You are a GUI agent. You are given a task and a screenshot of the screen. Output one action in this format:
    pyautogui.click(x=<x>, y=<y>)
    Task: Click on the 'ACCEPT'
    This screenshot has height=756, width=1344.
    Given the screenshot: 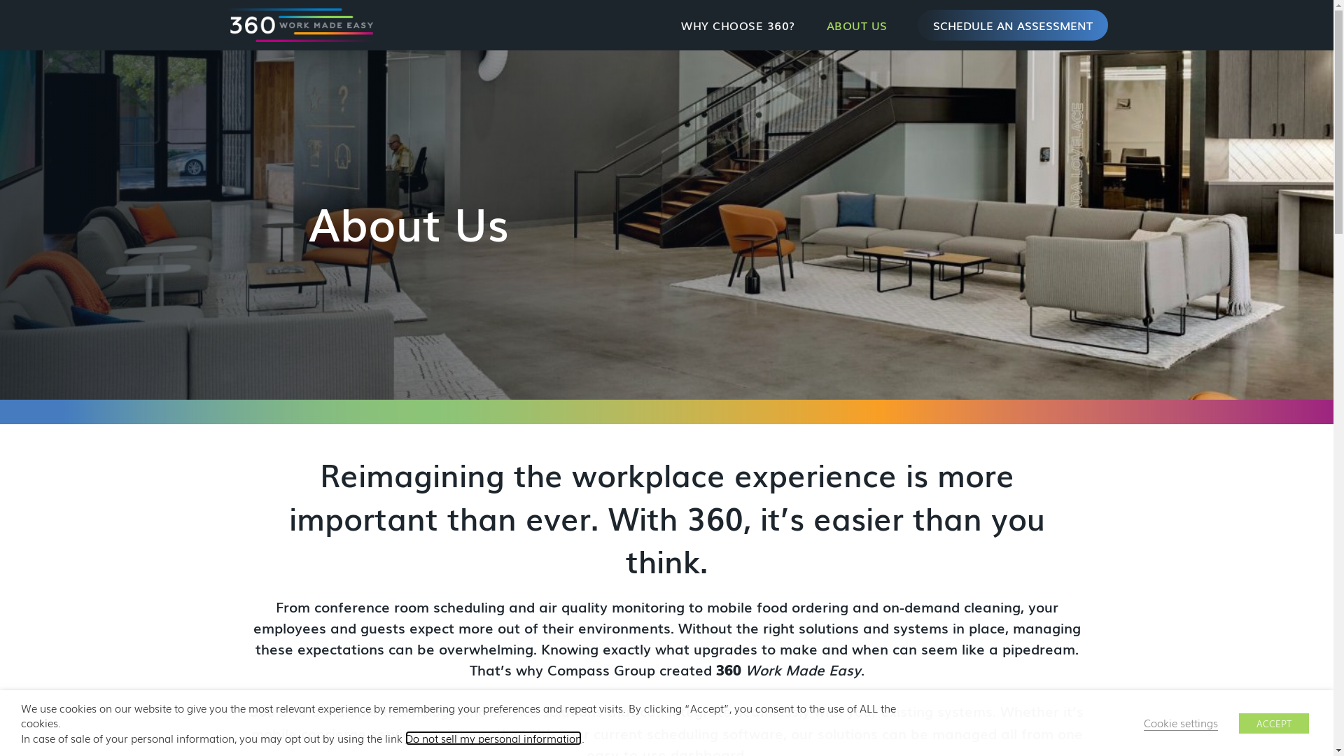 What is the action you would take?
    pyautogui.click(x=1239, y=723)
    